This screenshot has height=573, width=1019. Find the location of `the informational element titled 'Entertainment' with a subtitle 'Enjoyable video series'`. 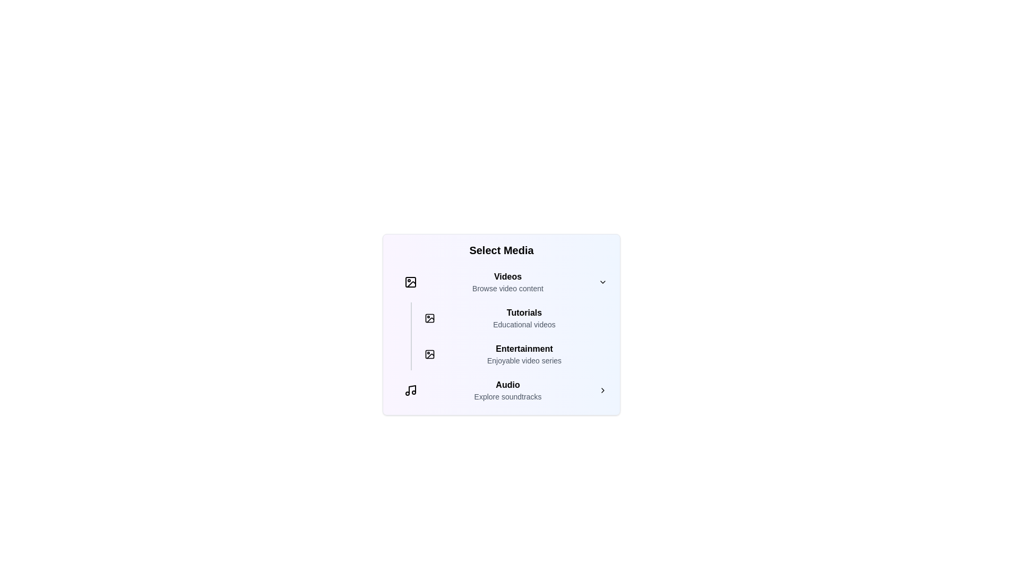

the informational element titled 'Entertainment' with a subtitle 'Enjoyable video series' is located at coordinates (524, 354).